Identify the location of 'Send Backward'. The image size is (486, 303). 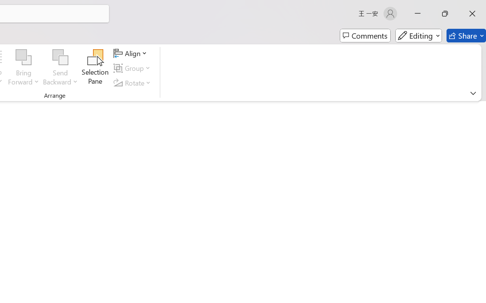
(60, 57).